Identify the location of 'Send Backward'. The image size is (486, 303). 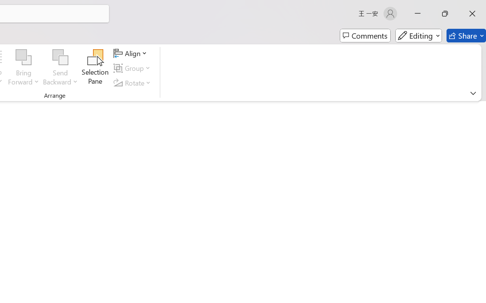
(60, 57).